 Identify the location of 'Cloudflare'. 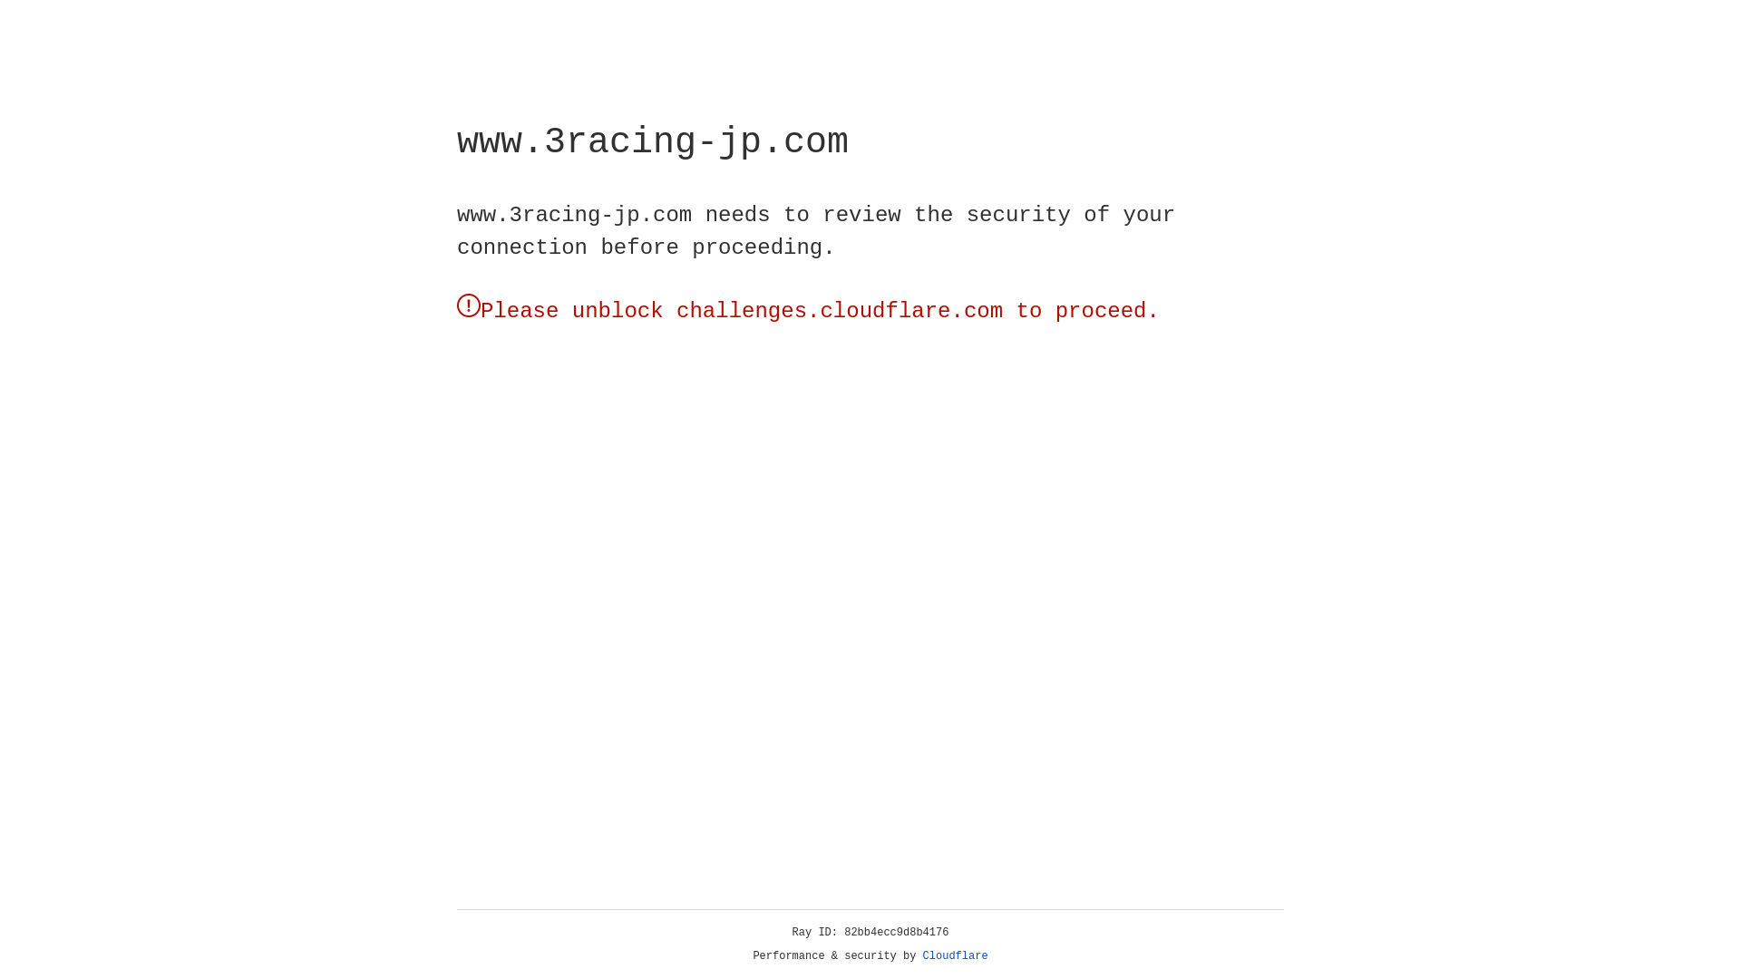
(955, 955).